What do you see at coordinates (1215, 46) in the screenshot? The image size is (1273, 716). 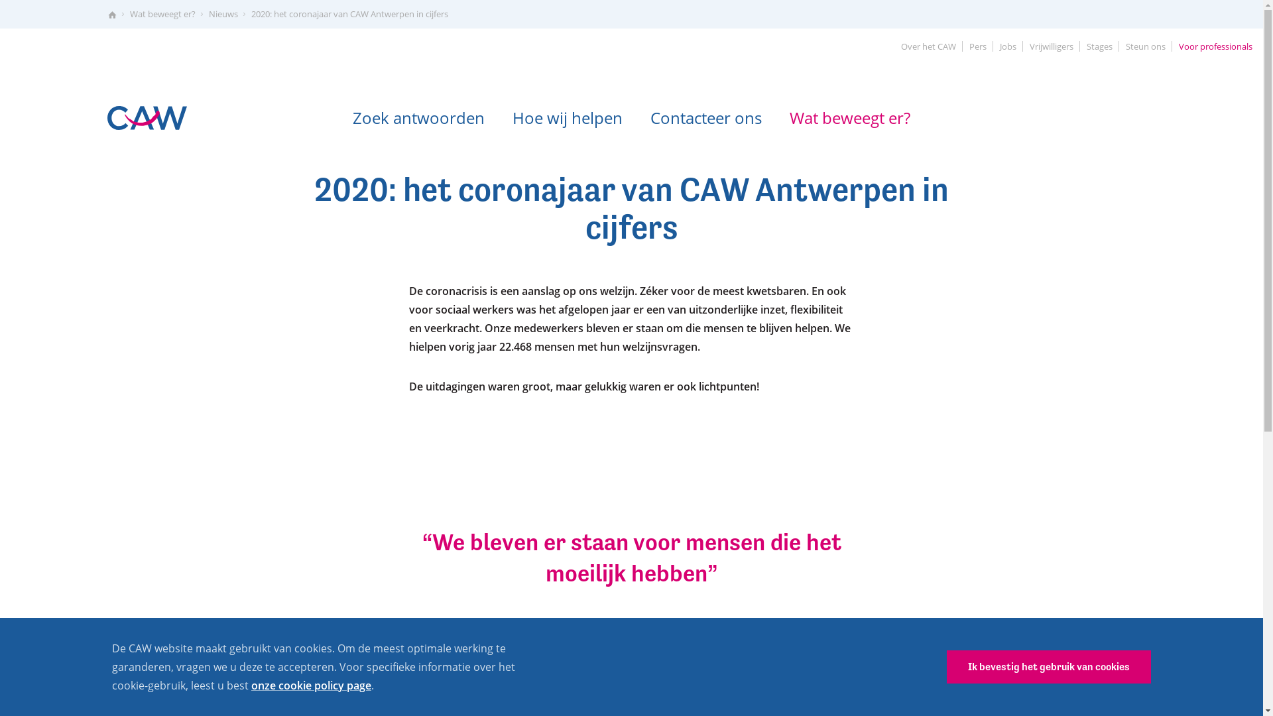 I see `'Voor professionals'` at bounding box center [1215, 46].